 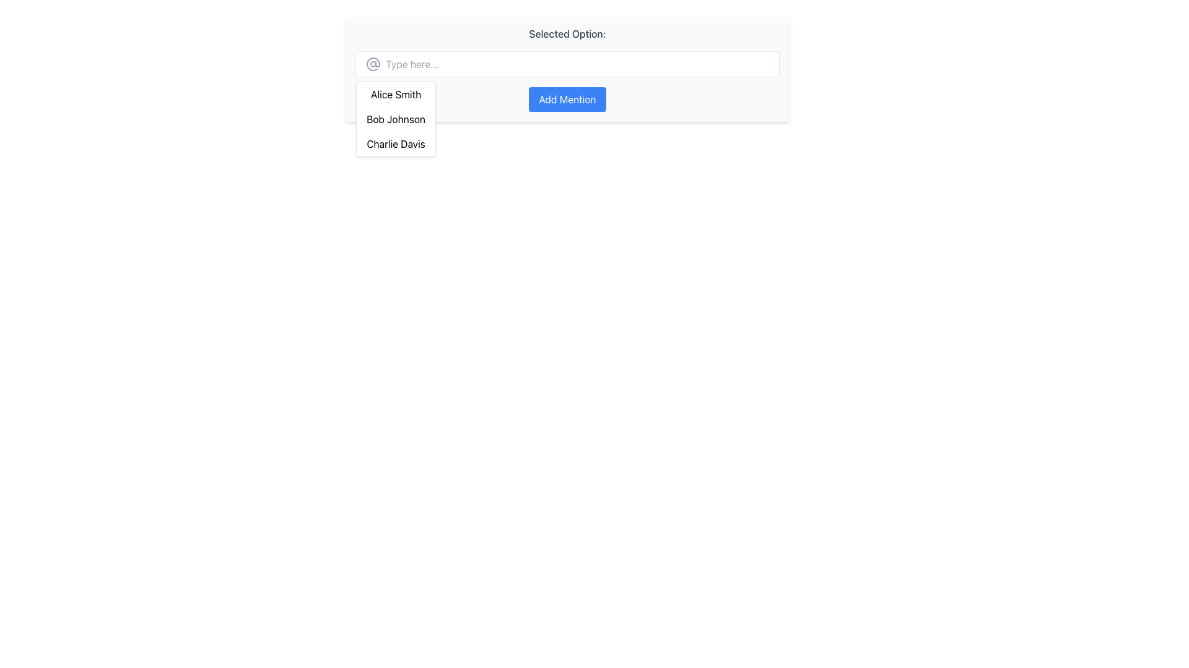 I want to click on the 'Add Mention' button, which is a vibrant blue button with white text centered on it, located on the right side of the interface, so click(x=567, y=99).